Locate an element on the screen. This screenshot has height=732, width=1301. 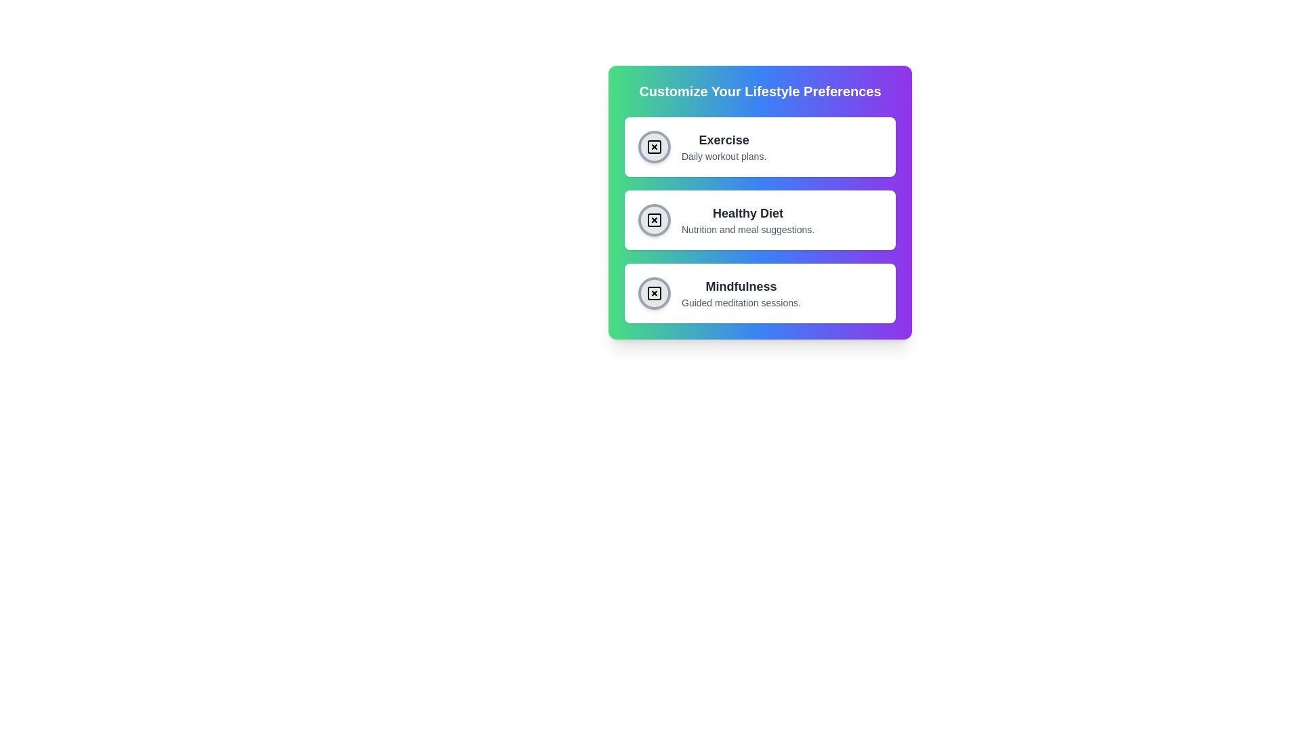
the small rectangular shape with rounded corners that serves as the background for the 'X' icon in the 'Mindfulness' section of the interface is located at coordinates (654, 292).